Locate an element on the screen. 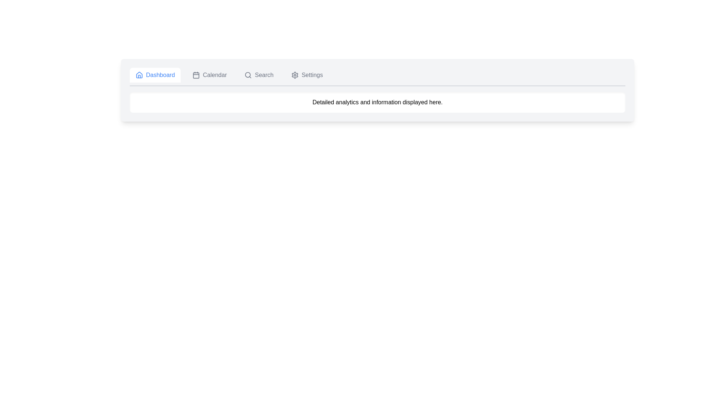 Image resolution: width=708 pixels, height=398 pixels. the search icon located within the 'Search' button in the top navigation bar, positioned to the immediate left of the text label 'Search.' is located at coordinates (248, 75).